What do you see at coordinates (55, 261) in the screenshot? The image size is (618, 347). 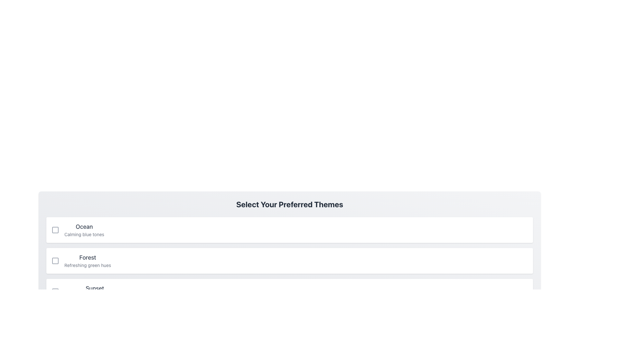 I see `the Square indicator, which is a small rectangular box with rounded corners located slightly to the left of the 'Forest' option's textual label in the second option row of selectable themes` at bounding box center [55, 261].